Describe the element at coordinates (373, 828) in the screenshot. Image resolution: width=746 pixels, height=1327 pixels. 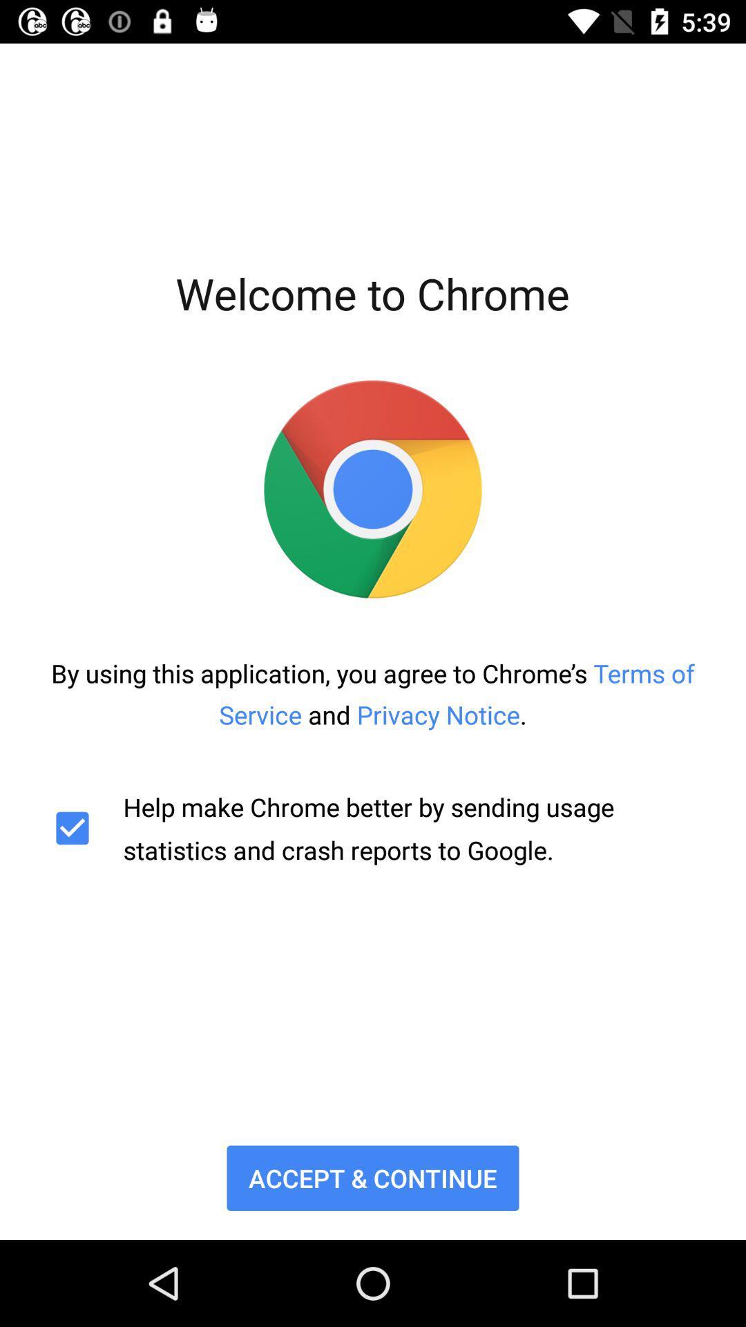
I see `the item above the accept & continue` at that location.